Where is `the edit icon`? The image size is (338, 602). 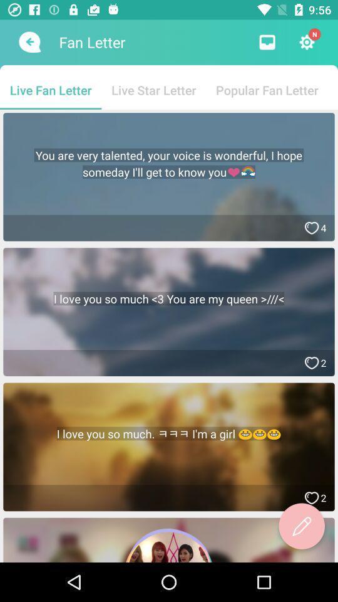 the edit icon is located at coordinates (301, 526).